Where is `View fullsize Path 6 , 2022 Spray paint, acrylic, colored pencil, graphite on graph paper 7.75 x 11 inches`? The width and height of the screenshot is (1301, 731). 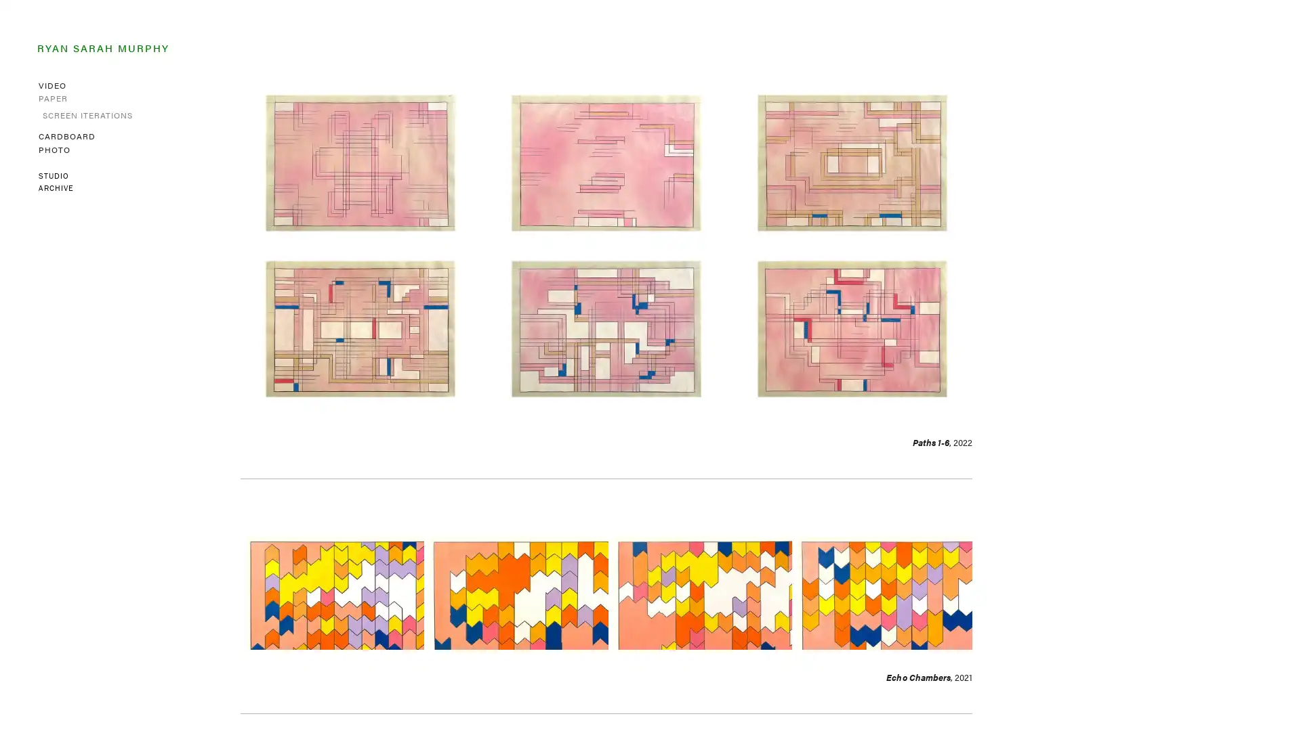
View fullsize Path 6 , 2022 Spray paint, acrylic, colored pencil, graphite on graph paper 7.75 x 11 inches is located at coordinates (851, 328).